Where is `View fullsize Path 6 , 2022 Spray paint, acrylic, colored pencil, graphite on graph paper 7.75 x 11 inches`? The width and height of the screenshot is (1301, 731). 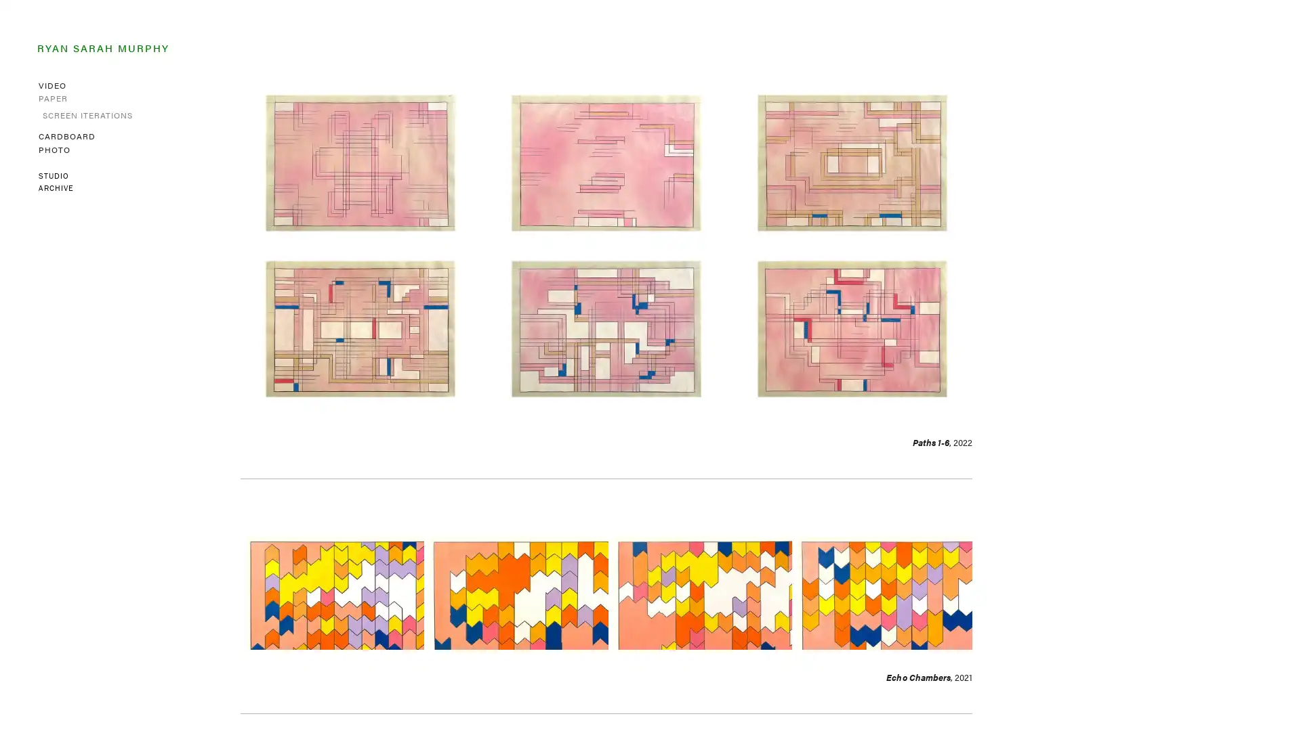
View fullsize Path 6 , 2022 Spray paint, acrylic, colored pencil, graphite on graph paper 7.75 x 11 inches is located at coordinates (851, 328).